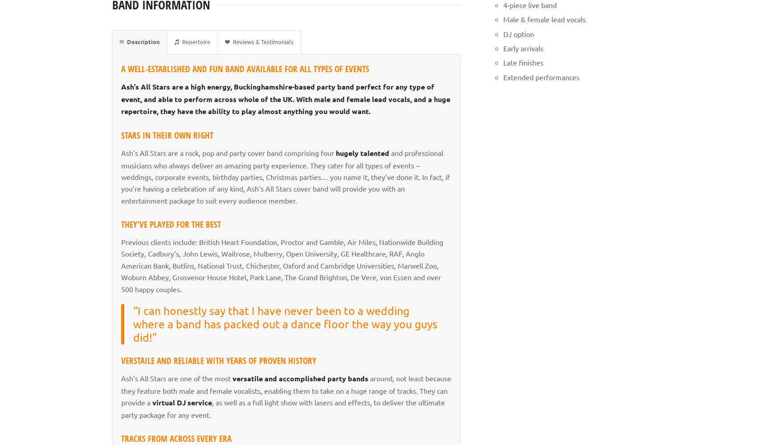 Image resolution: width=763 pixels, height=445 pixels. Describe the element at coordinates (522, 62) in the screenshot. I see `'Late finishes'` at that location.